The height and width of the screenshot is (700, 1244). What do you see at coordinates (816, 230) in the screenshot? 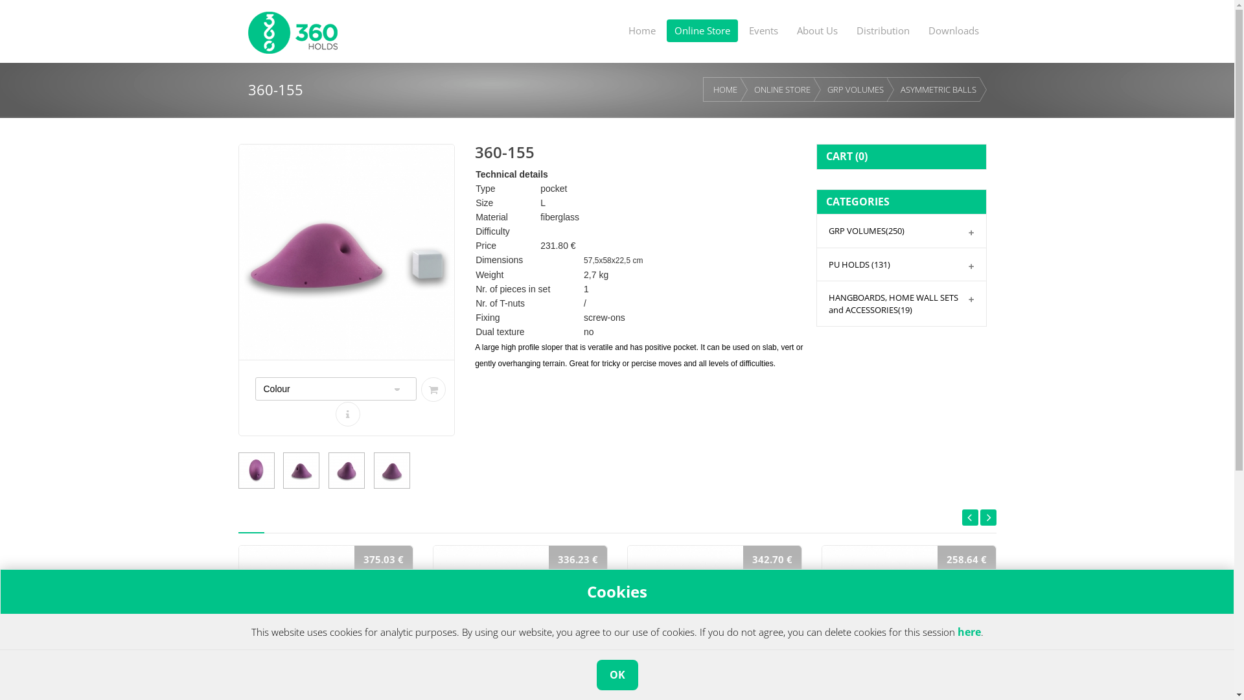
I see `'GRP VOLUMES(250)'` at bounding box center [816, 230].